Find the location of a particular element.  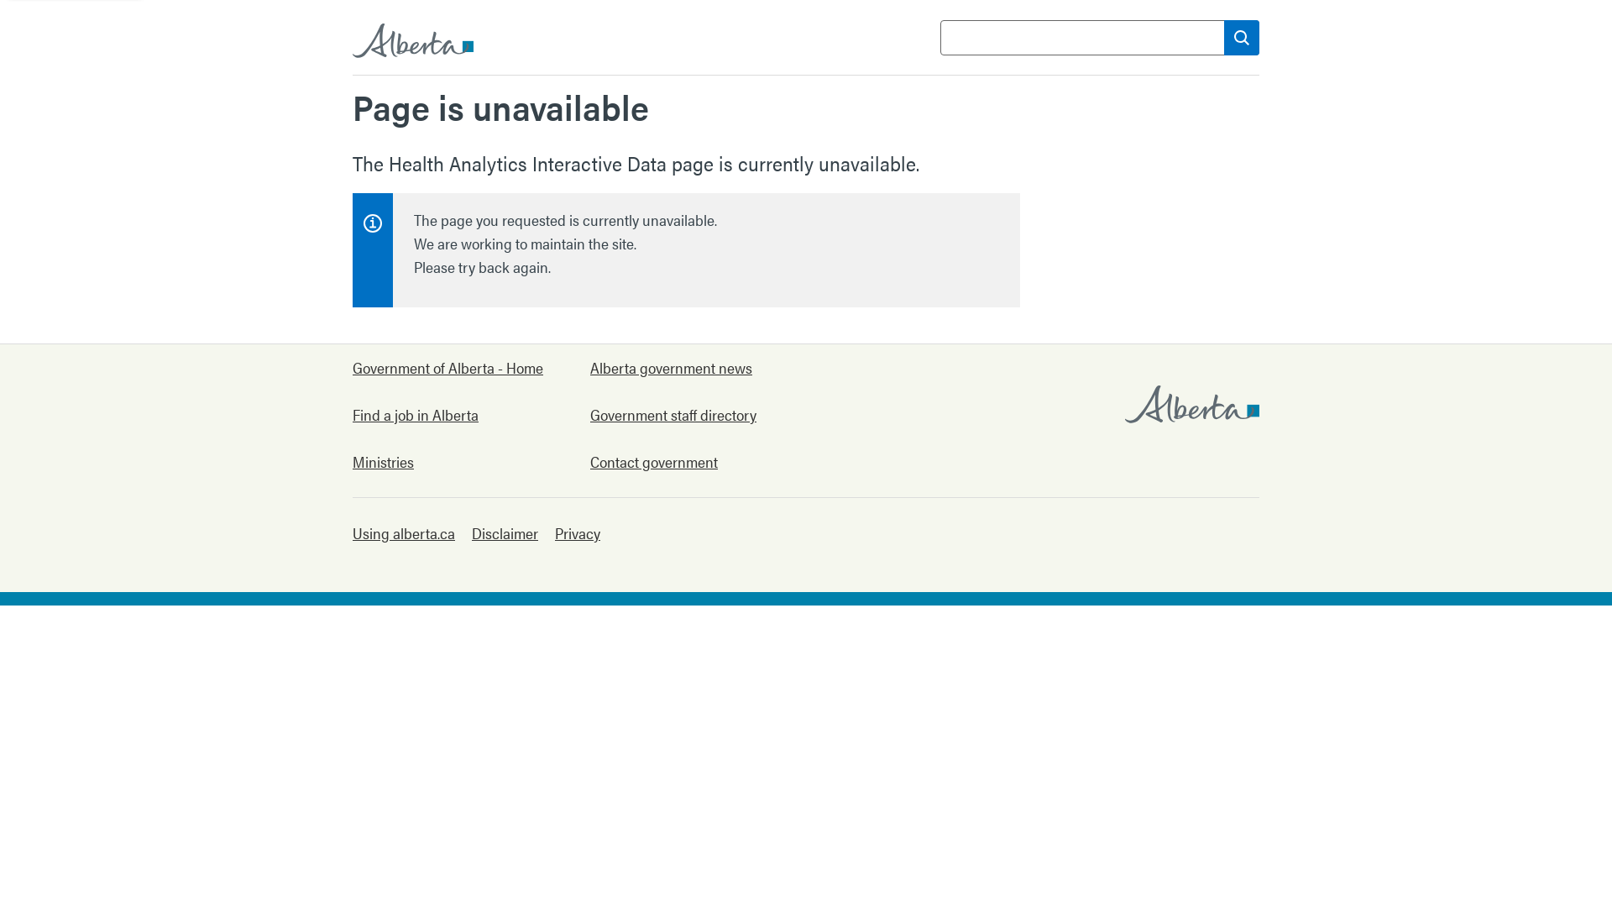

'Alberta government news' is located at coordinates (685, 367).